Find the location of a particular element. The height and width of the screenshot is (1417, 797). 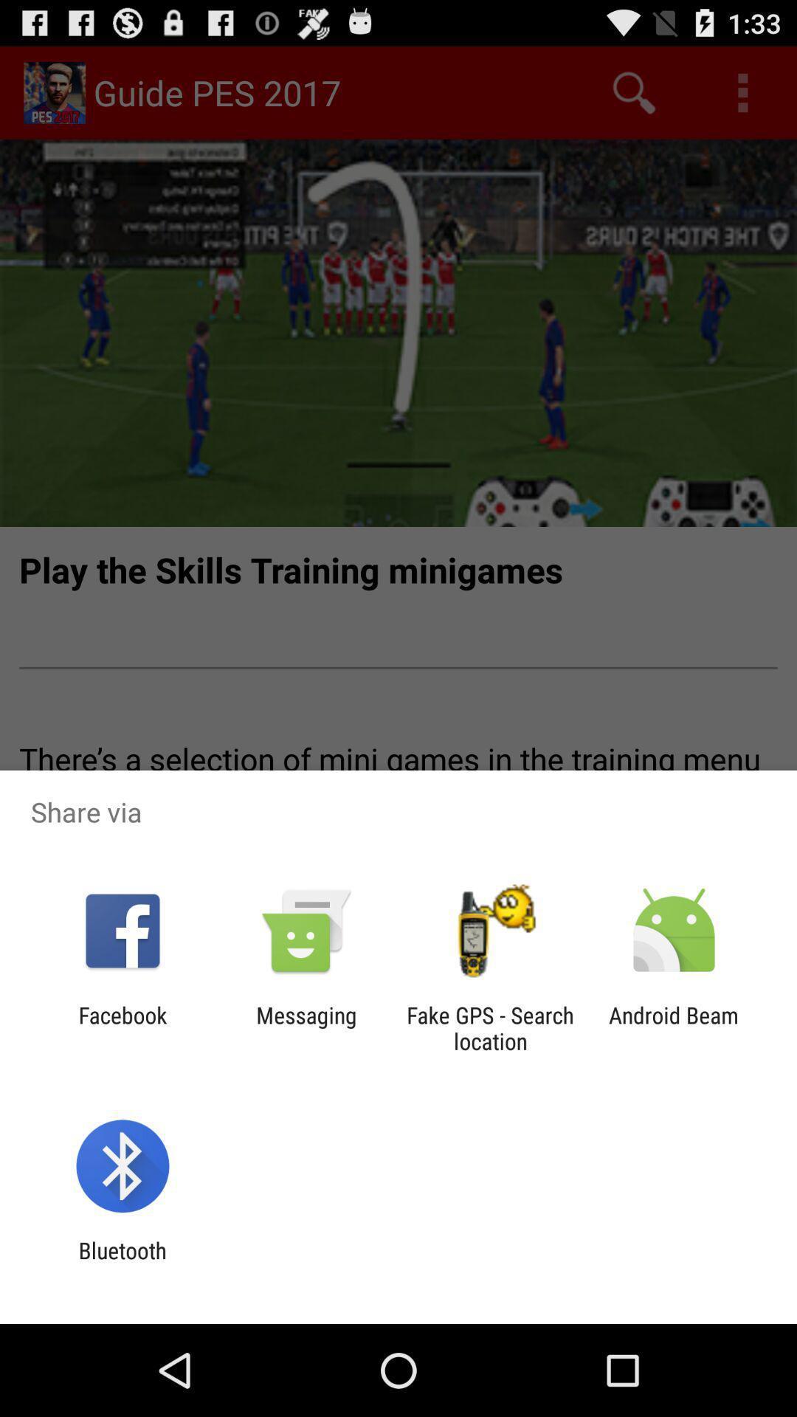

the facebook app is located at coordinates (122, 1027).